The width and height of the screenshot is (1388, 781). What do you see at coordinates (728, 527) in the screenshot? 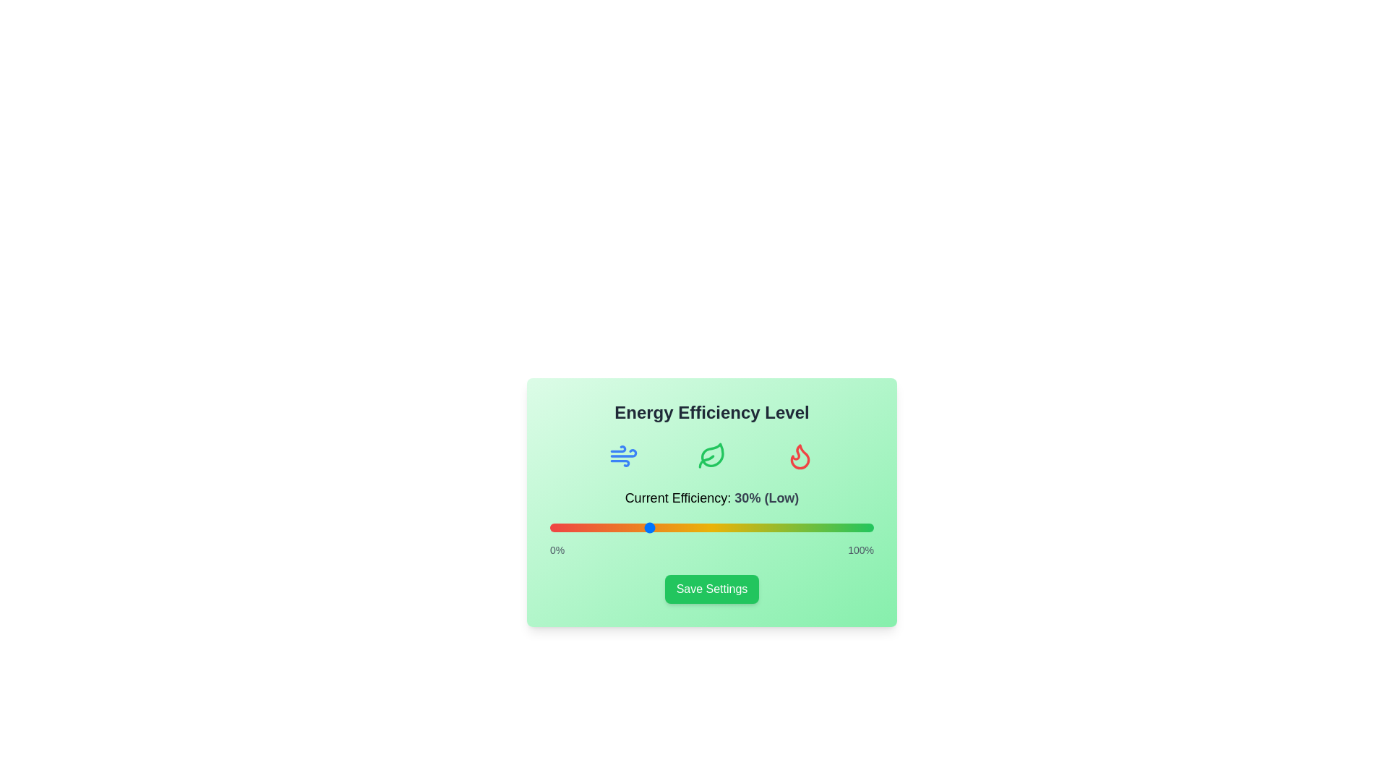
I see `the efficiency slider to 55%` at bounding box center [728, 527].